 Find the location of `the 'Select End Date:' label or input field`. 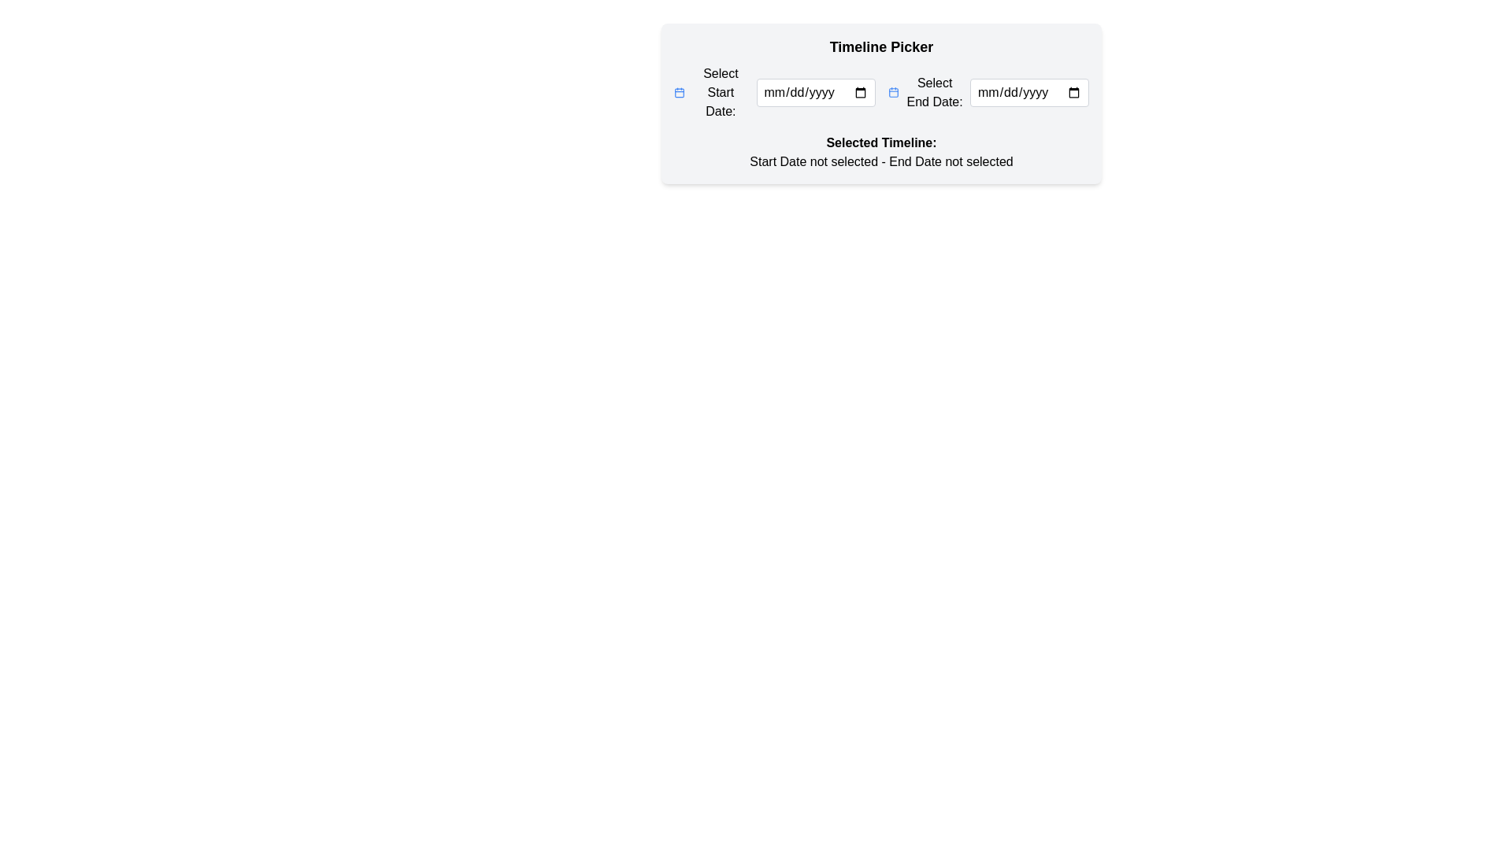

the 'Select End Date:' label or input field is located at coordinates (988, 93).